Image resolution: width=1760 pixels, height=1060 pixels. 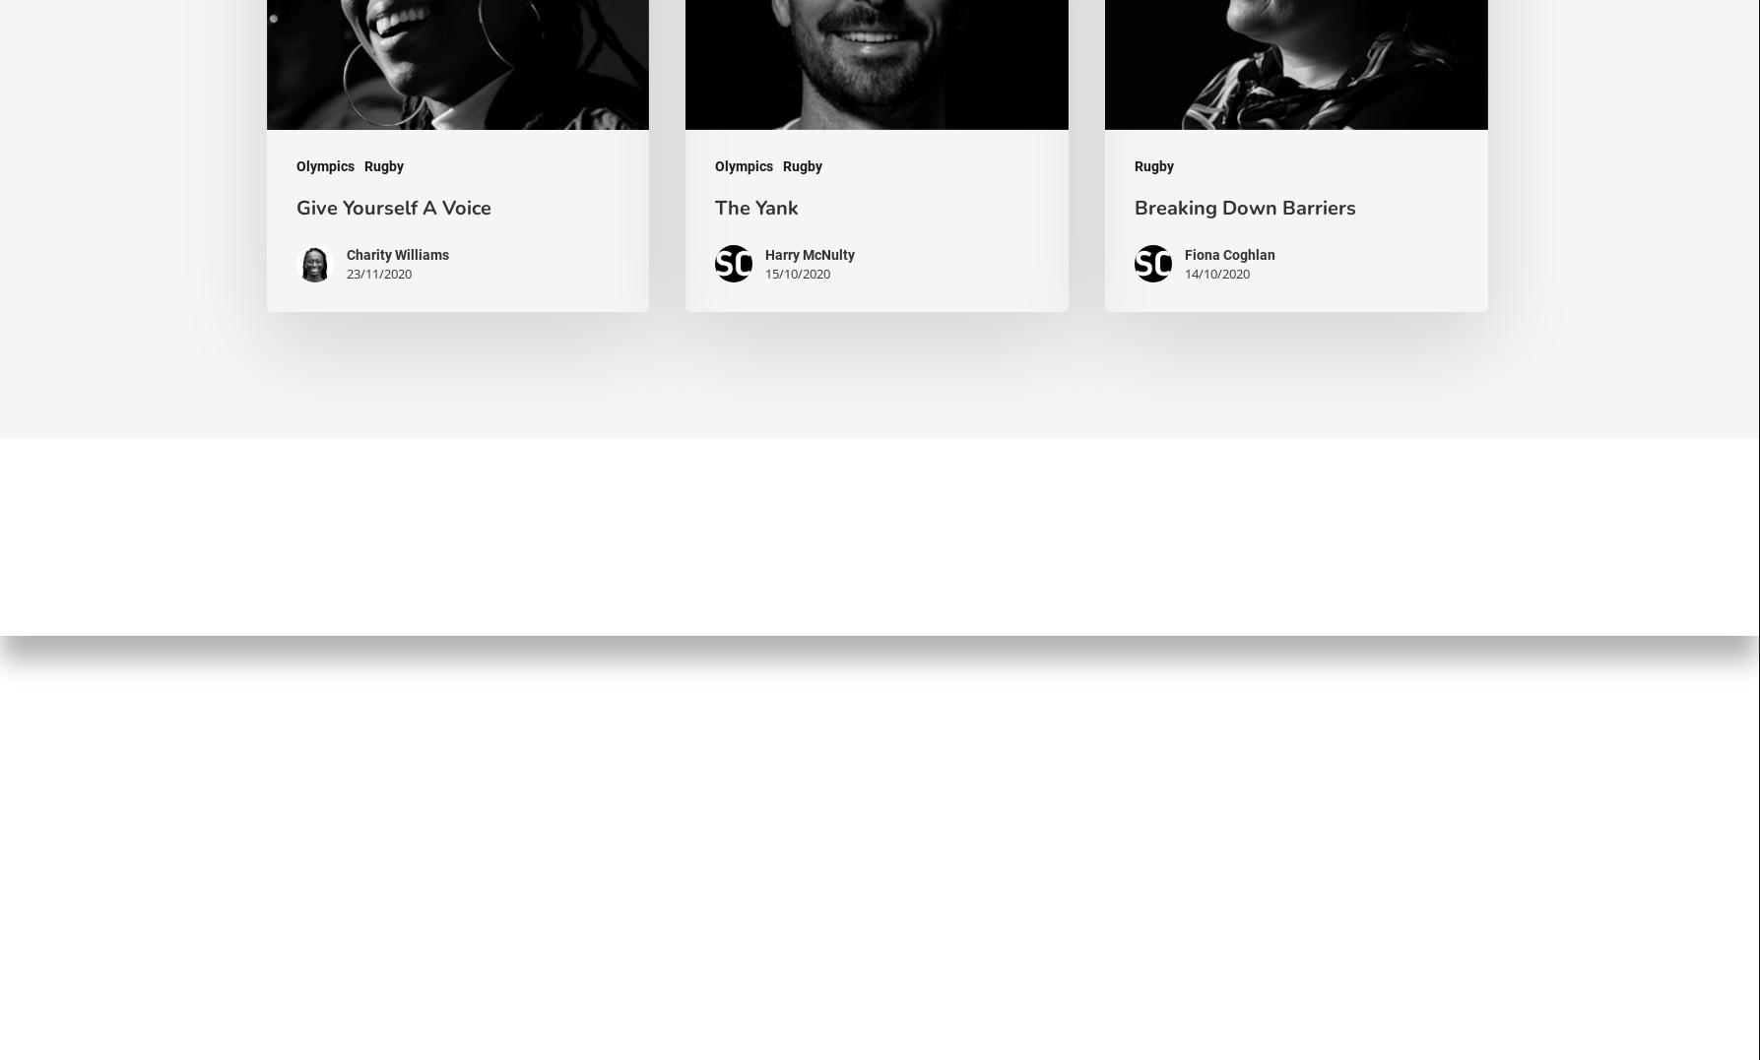 I want to click on 'Fiona Coghlan', so click(x=1229, y=253).